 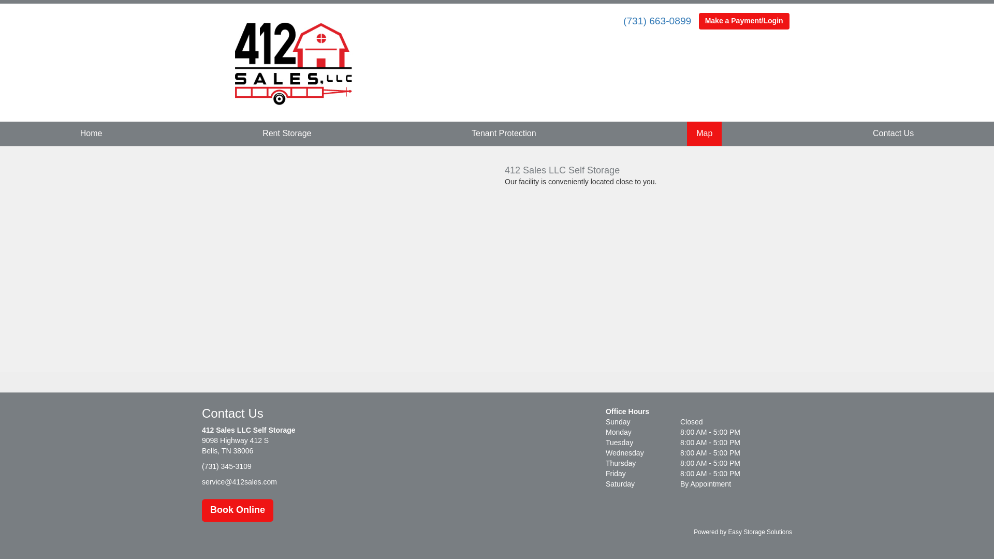 I want to click on 'Tenant Protection', so click(x=504, y=133).